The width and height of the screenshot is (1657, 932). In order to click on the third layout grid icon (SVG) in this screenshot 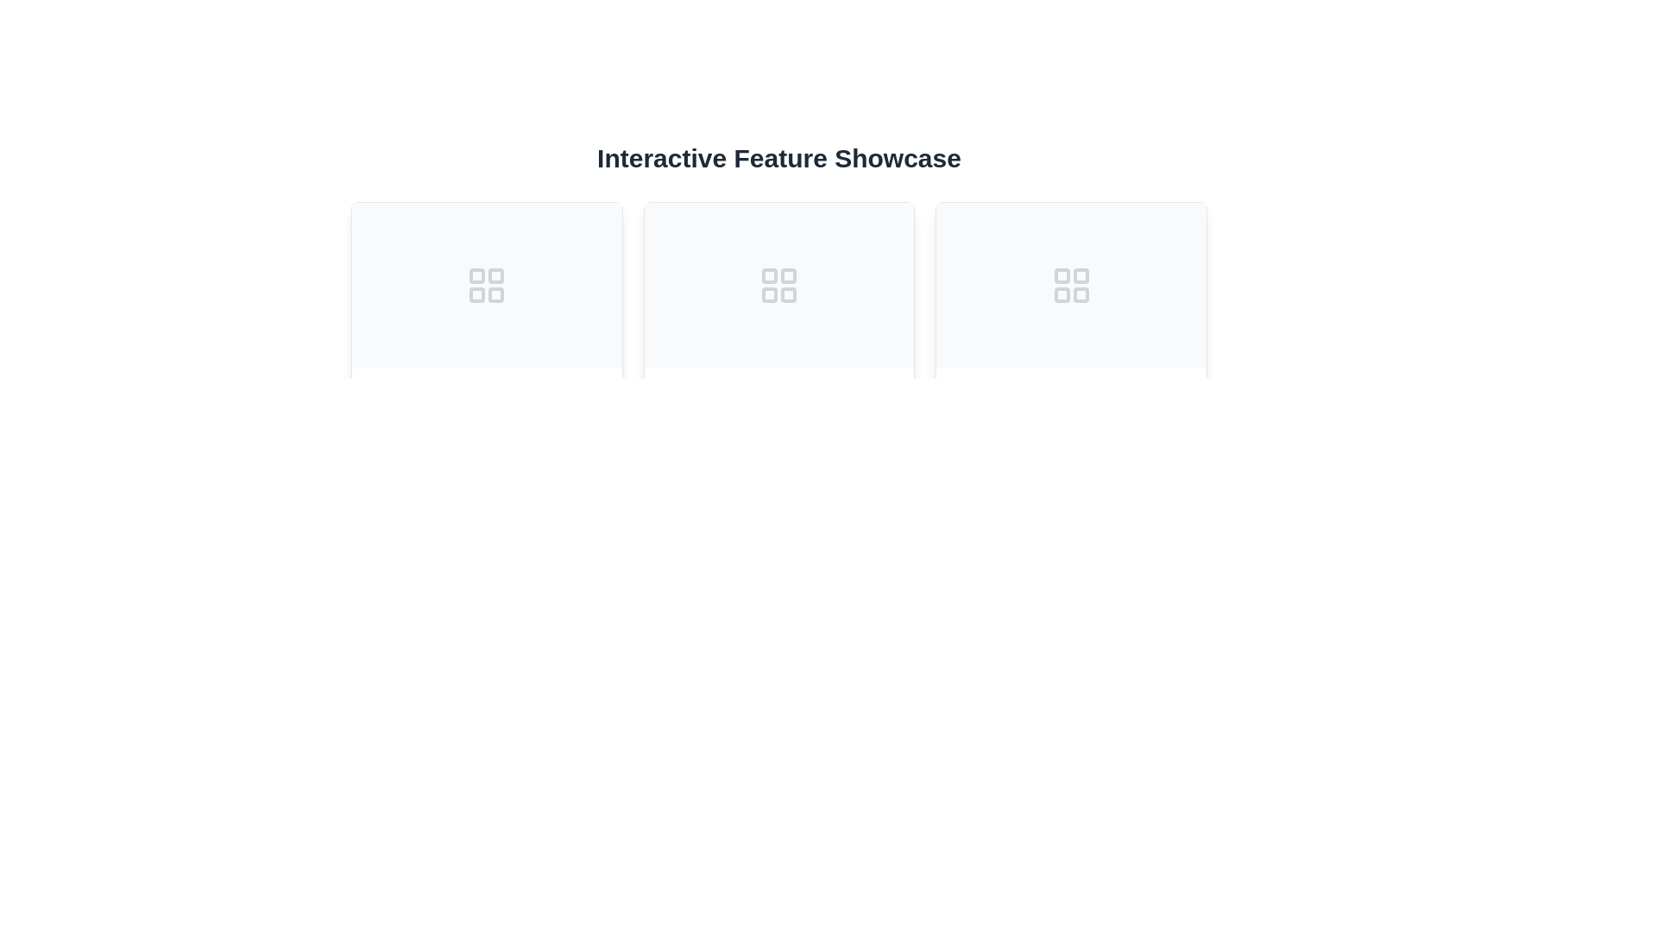, I will do `click(1070, 285)`.